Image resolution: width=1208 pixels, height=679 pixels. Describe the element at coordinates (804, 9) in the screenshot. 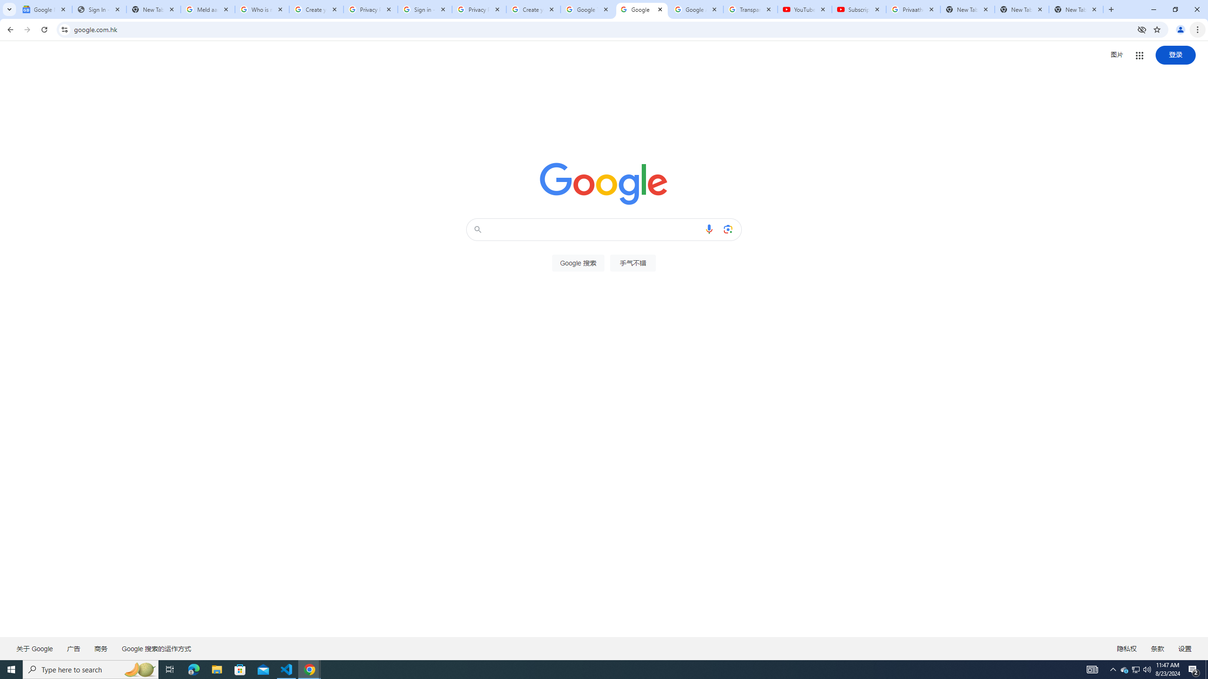

I see `'YouTube'` at that location.